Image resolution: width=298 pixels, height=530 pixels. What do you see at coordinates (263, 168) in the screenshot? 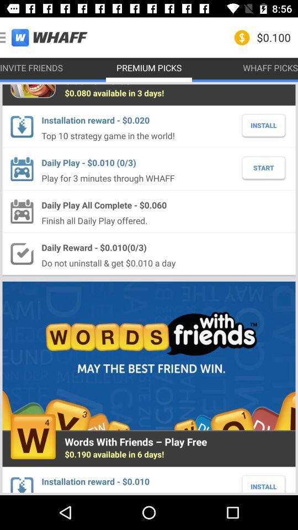
I see `the item to the right of the play for 3 icon` at bounding box center [263, 168].